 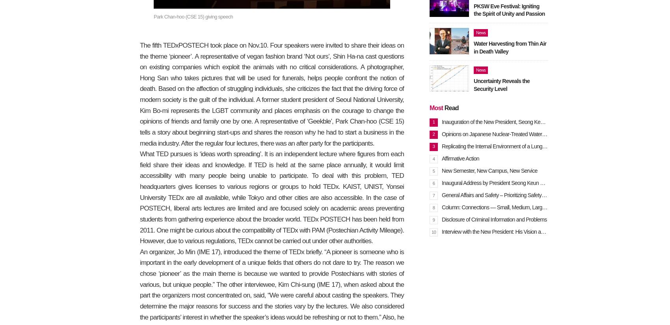 I want to click on 'Column: Connections — Small, Medium, Large, and Special', so click(x=507, y=206).